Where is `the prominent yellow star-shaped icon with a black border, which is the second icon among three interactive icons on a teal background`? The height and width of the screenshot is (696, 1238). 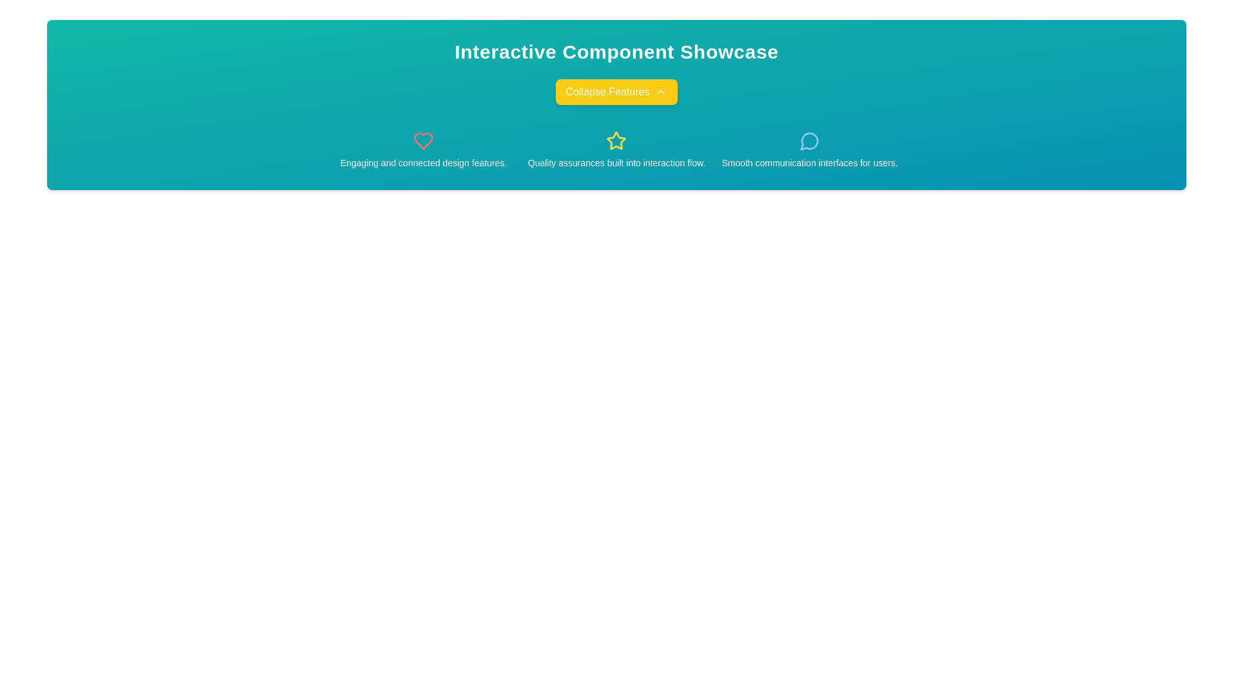 the prominent yellow star-shaped icon with a black border, which is the second icon among three interactive icons on a teal background is located at coordinates (616, 141).